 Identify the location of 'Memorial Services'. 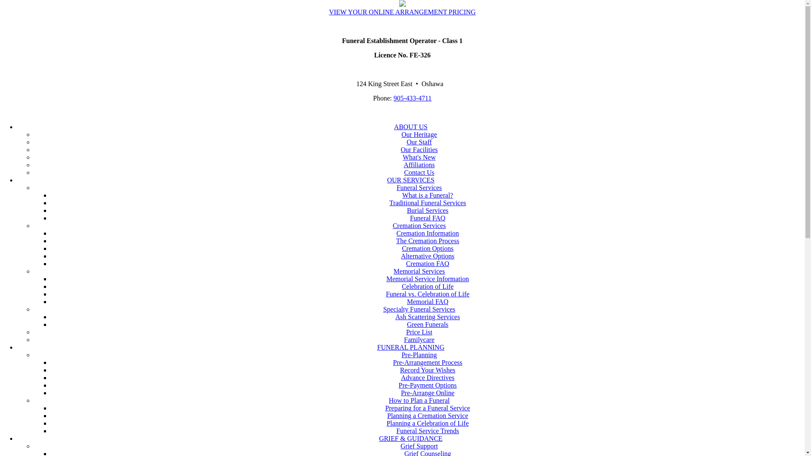
(419, 271).